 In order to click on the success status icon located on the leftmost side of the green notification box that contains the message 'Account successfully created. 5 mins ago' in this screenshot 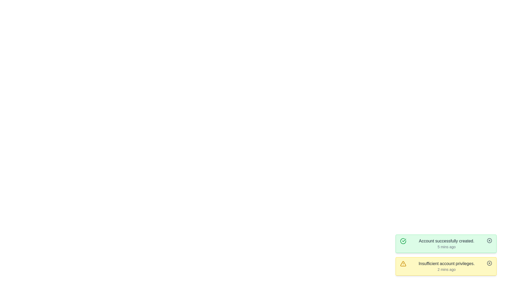, I will do `click(403, 241)`.